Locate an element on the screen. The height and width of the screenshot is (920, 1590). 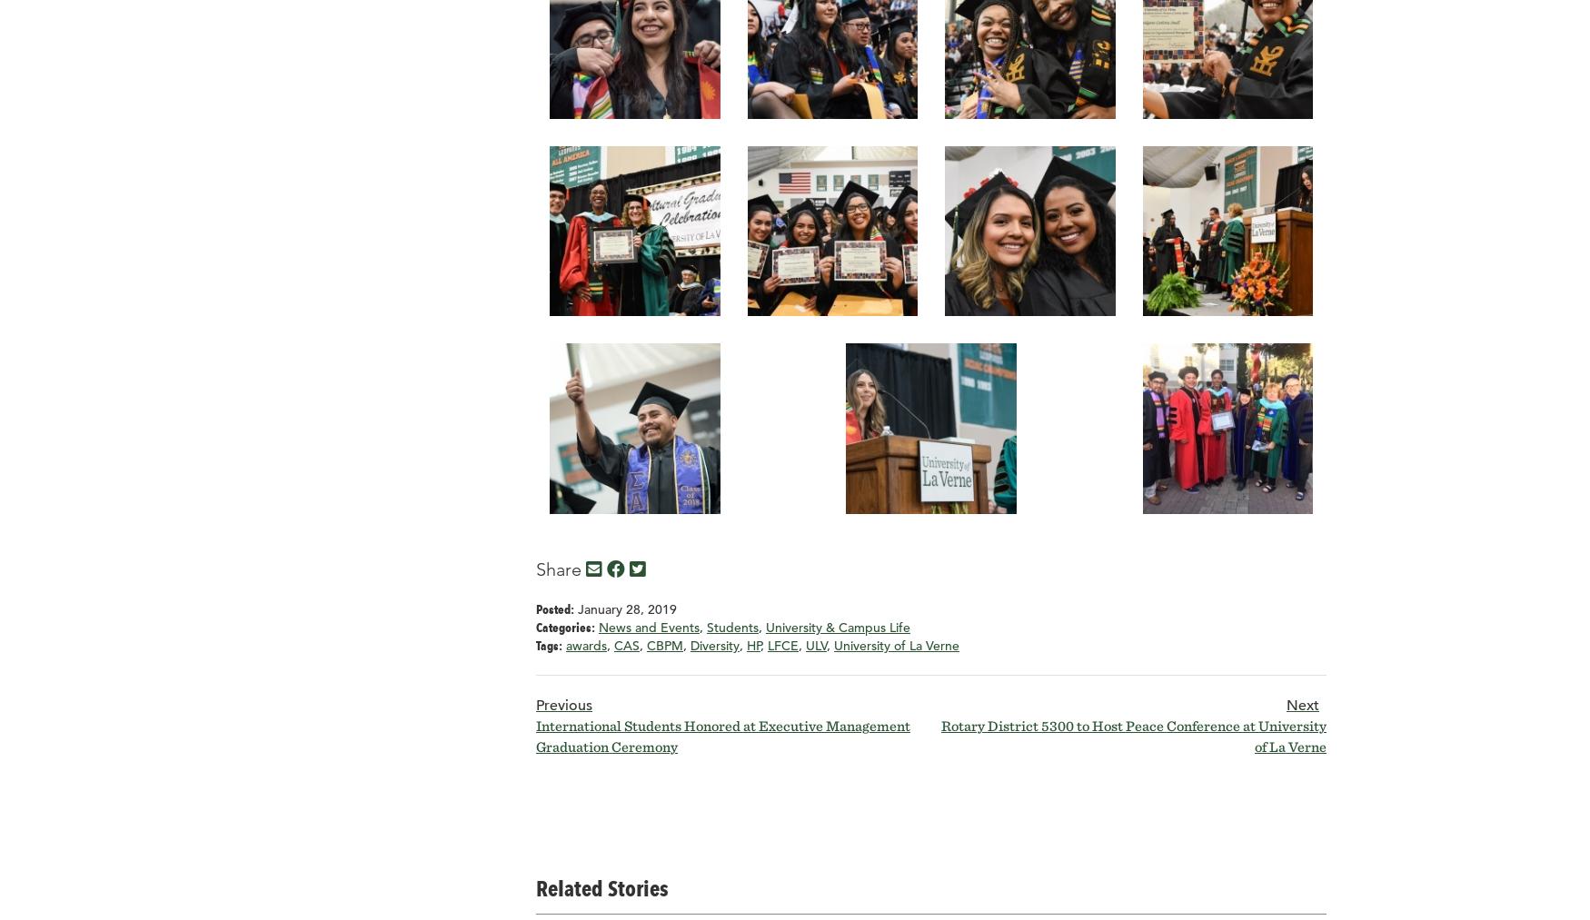
'Tags:' is located at coordinates (549, 645).